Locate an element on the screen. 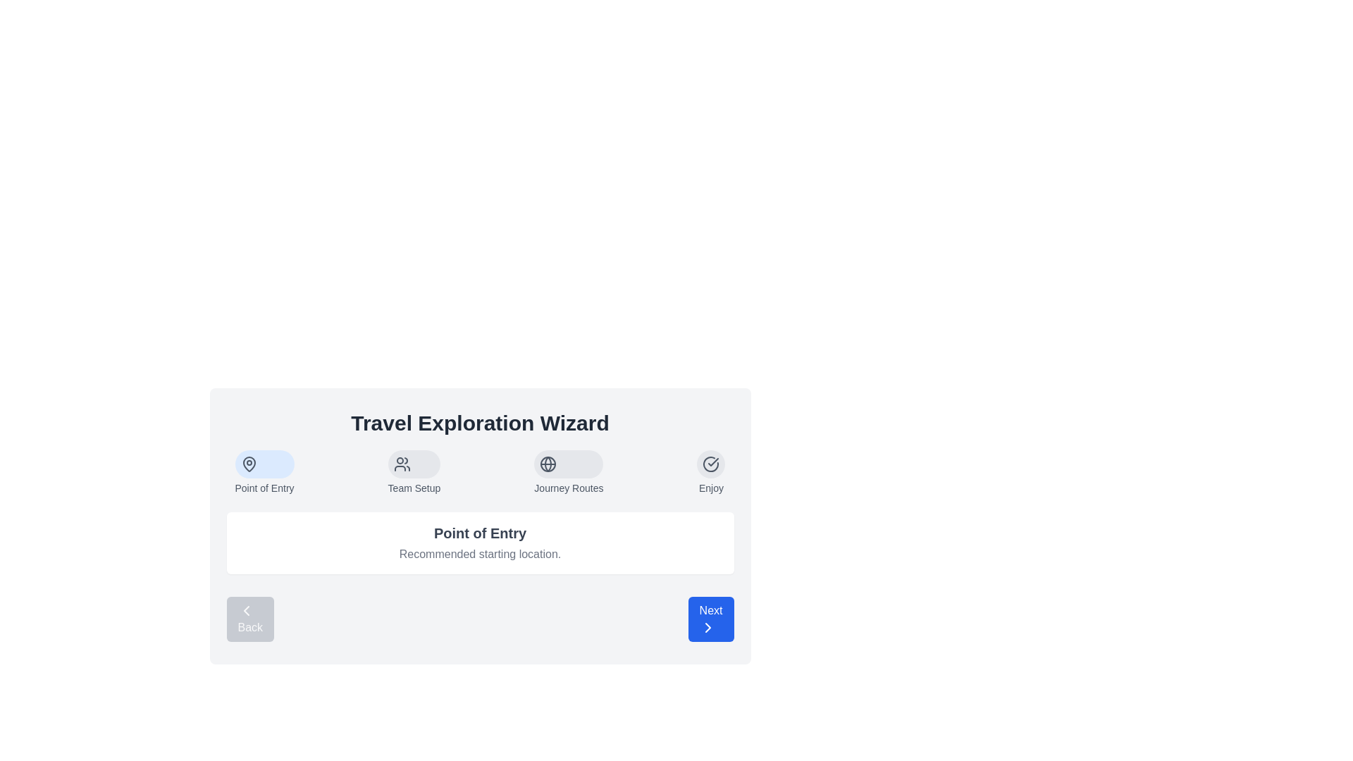  the 'Team Setup' button, which features an icon of users above the text in a light gray rounded rectangle, using keyboard navigation is located at coordinates (413, 473).